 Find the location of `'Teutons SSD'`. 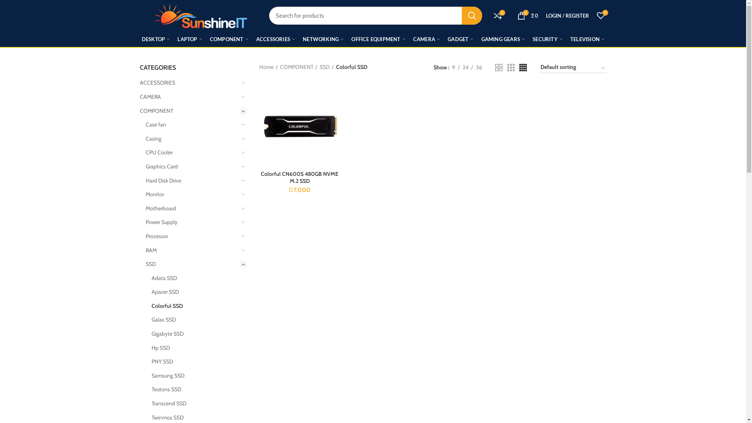

'Teutons SSD' is located at coordinates (194, 390).